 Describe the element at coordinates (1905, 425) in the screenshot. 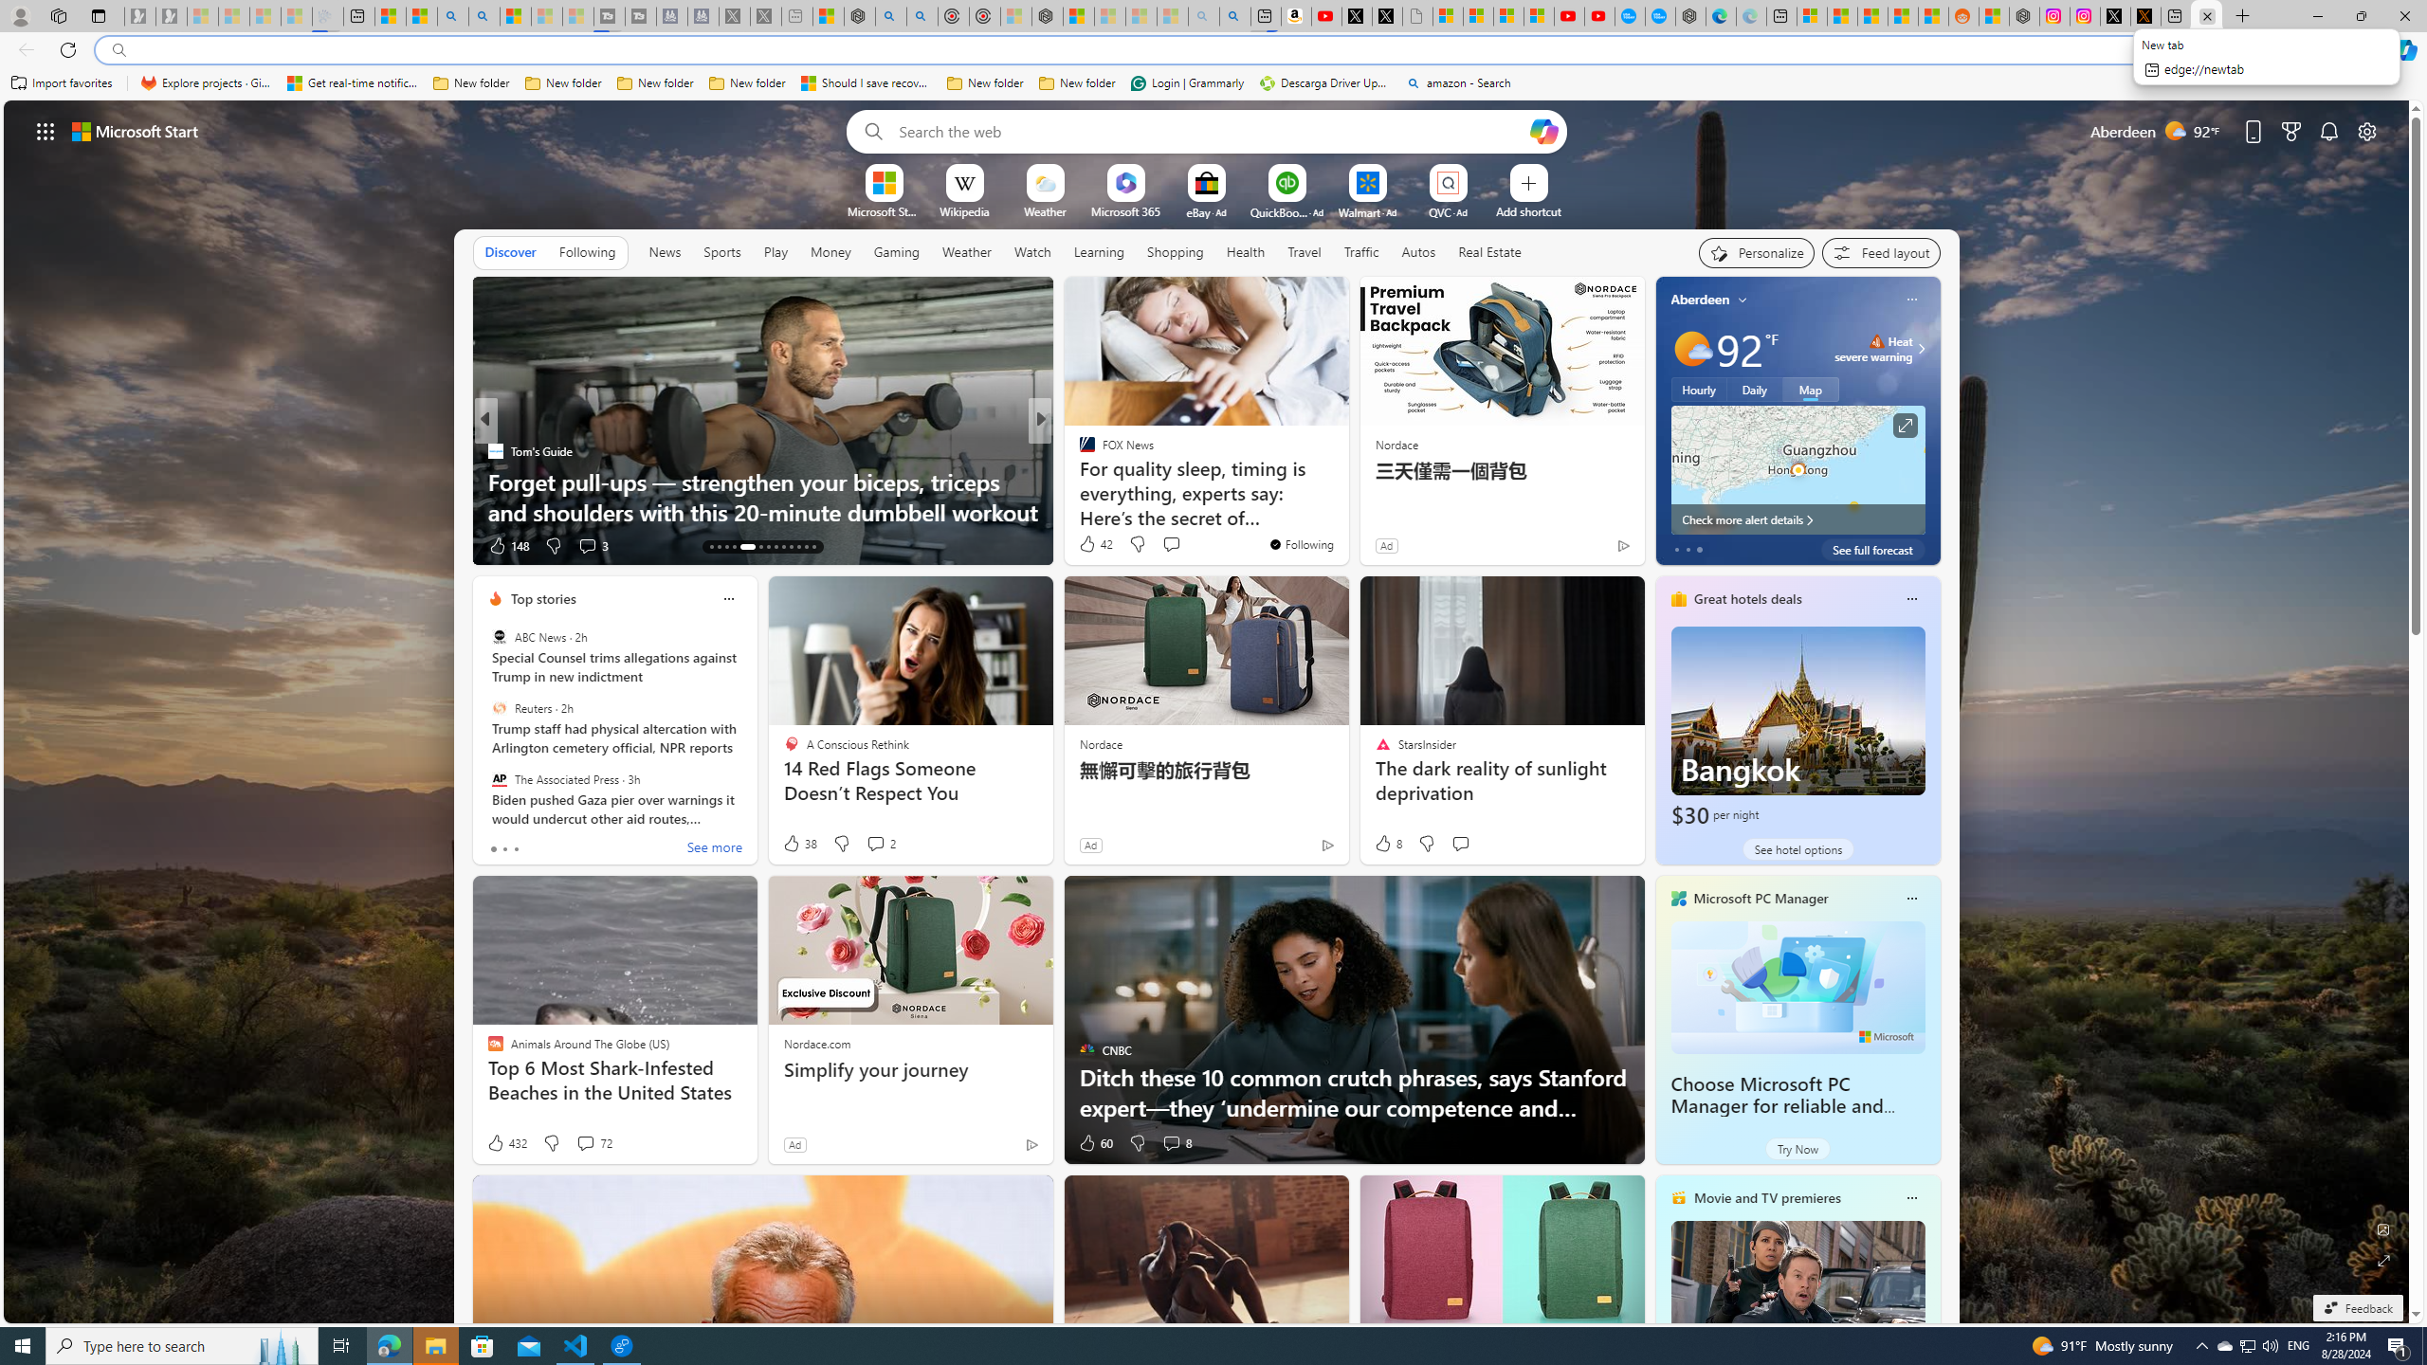

I see `'Click to see more information'` at that location.